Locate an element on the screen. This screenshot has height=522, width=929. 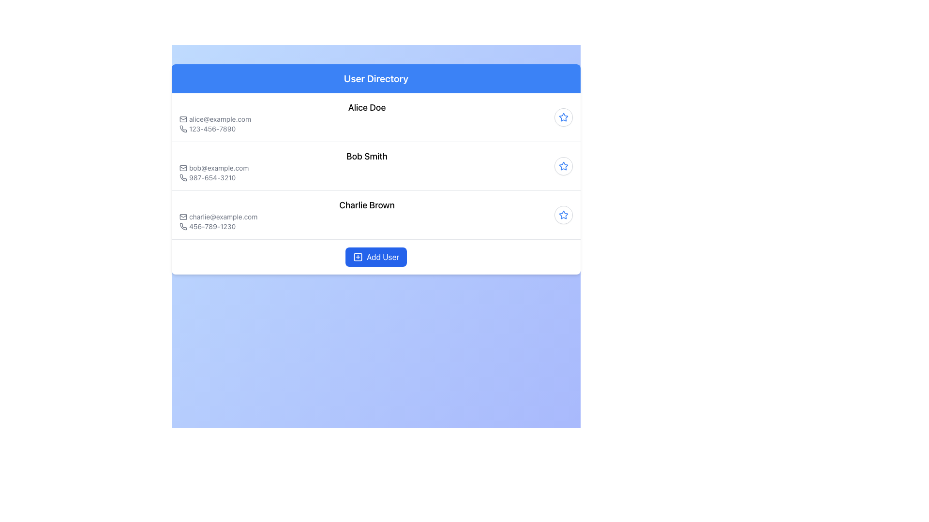
the user card representing contact information, which displays the user's name, email address, and phone number, located as the third card in the User Directory list is located at coordinates (366, 214).